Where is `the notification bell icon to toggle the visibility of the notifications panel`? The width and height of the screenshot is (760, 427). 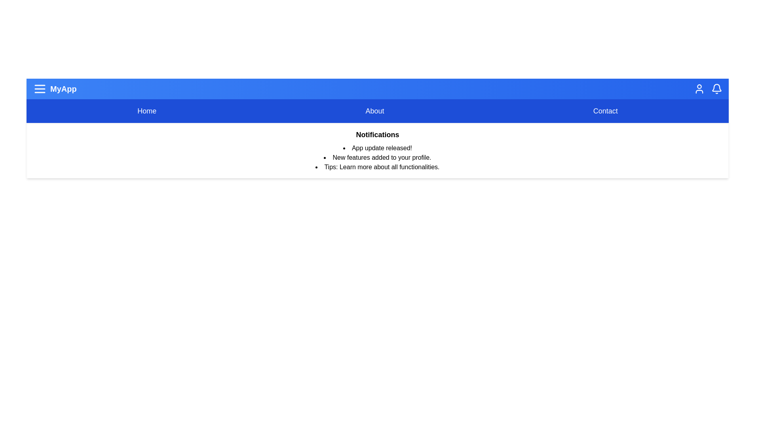 the notification bell icon to toggle the visibility of the notifications panel is located at coordinates (716, 89).